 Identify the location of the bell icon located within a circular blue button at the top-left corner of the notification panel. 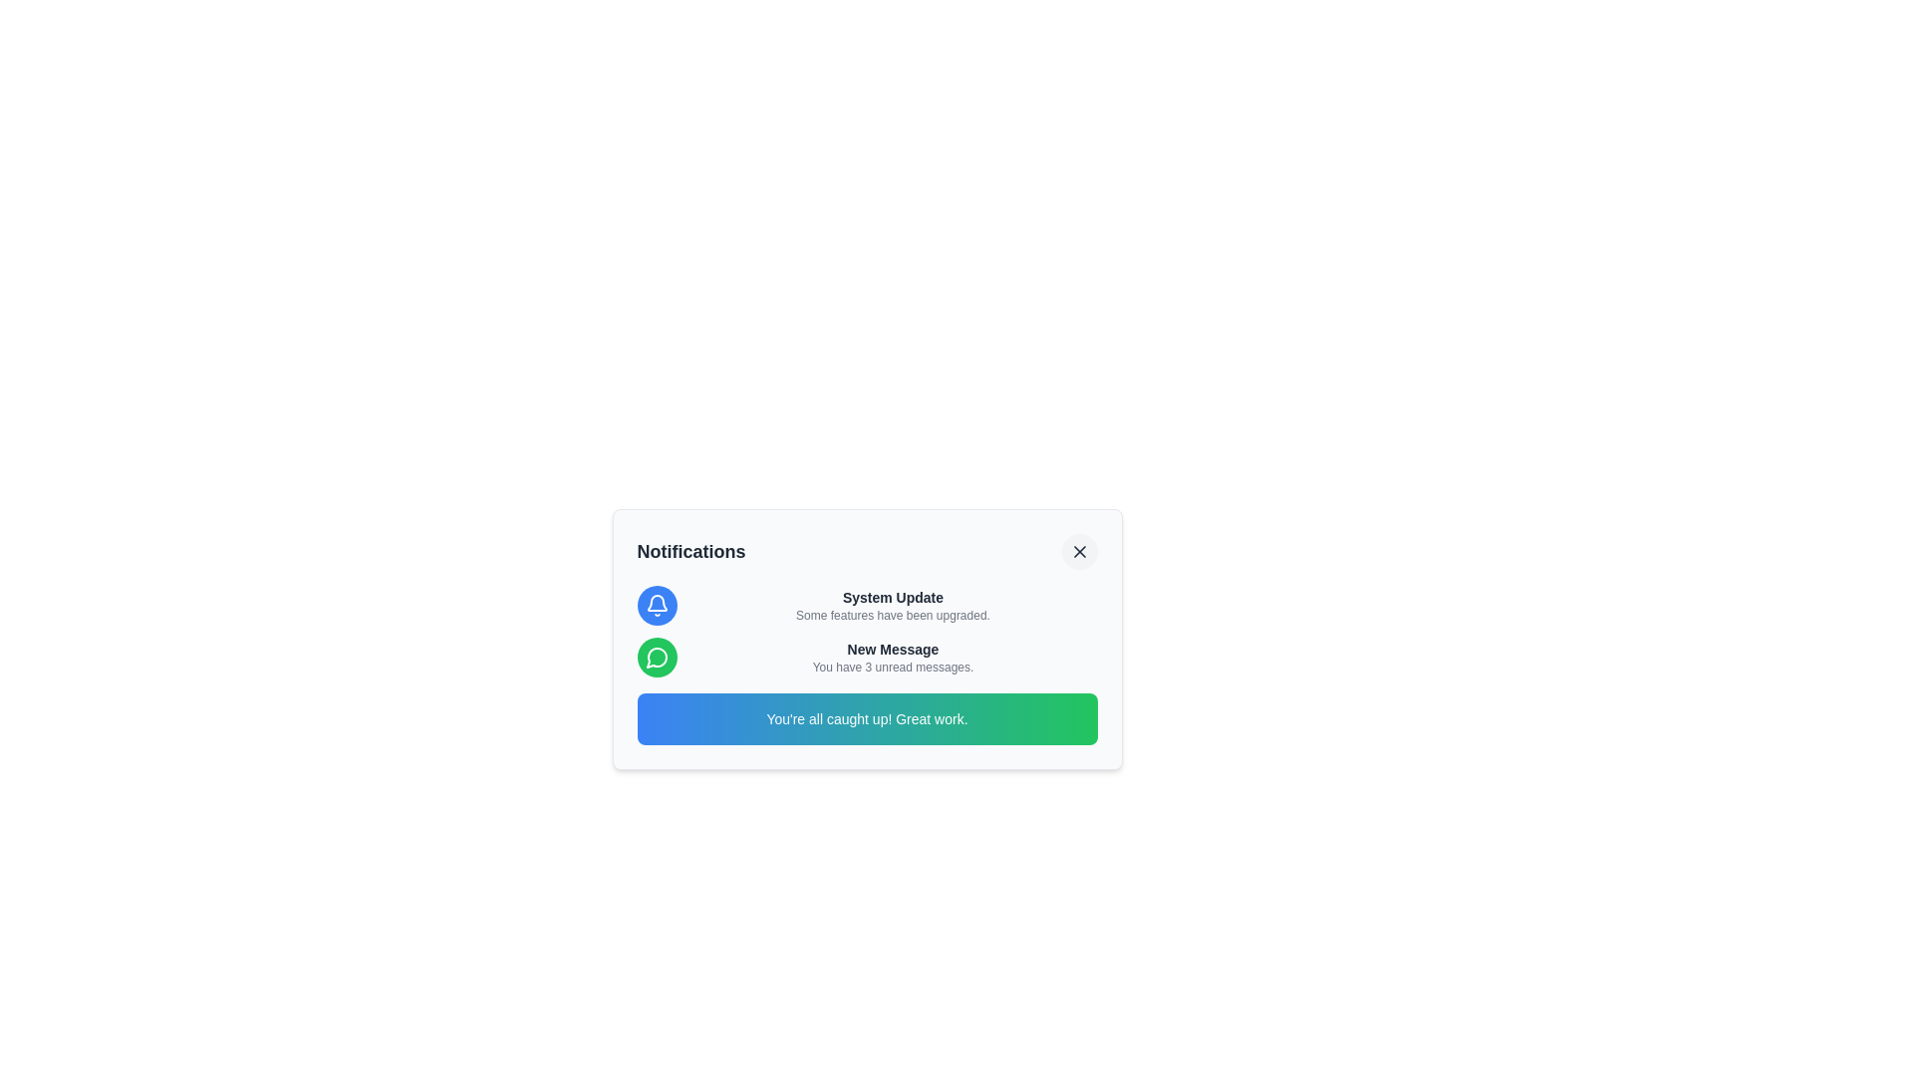
(657, 605).